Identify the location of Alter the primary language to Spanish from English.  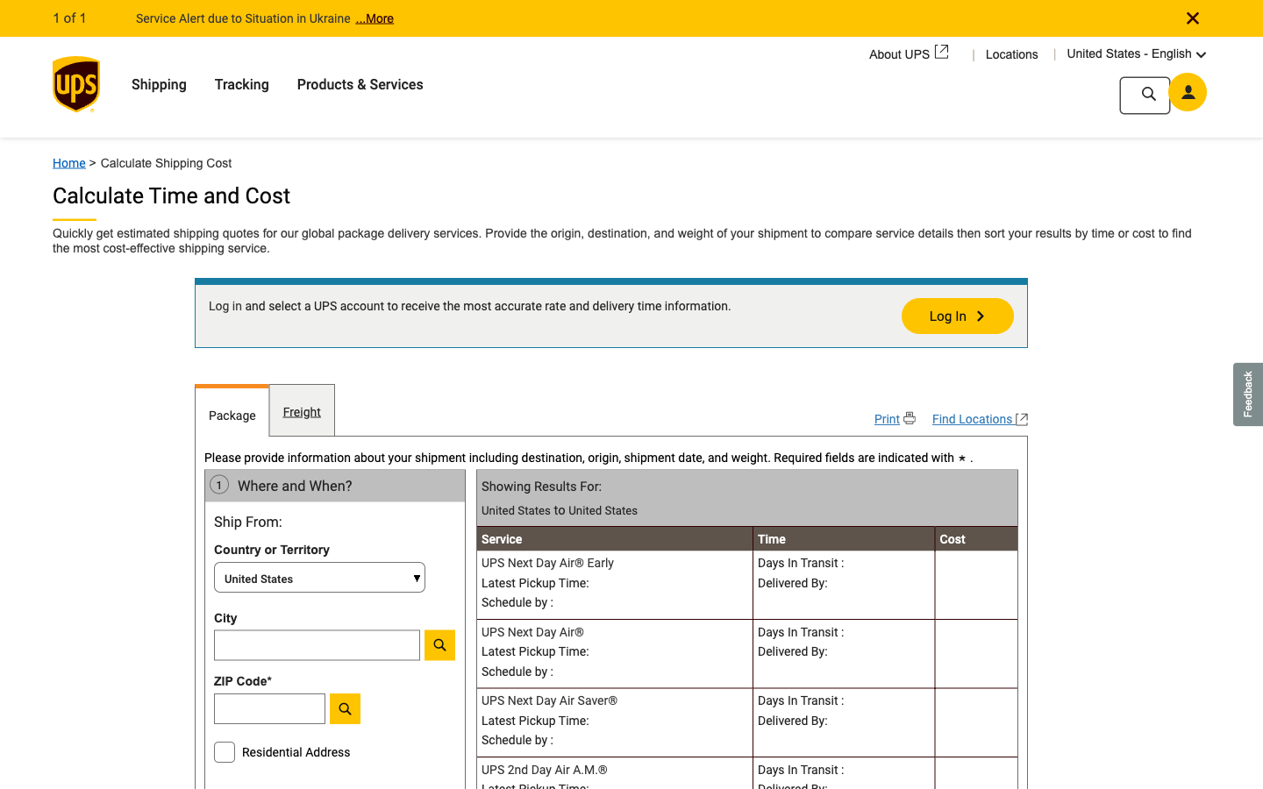
(1191, 52).